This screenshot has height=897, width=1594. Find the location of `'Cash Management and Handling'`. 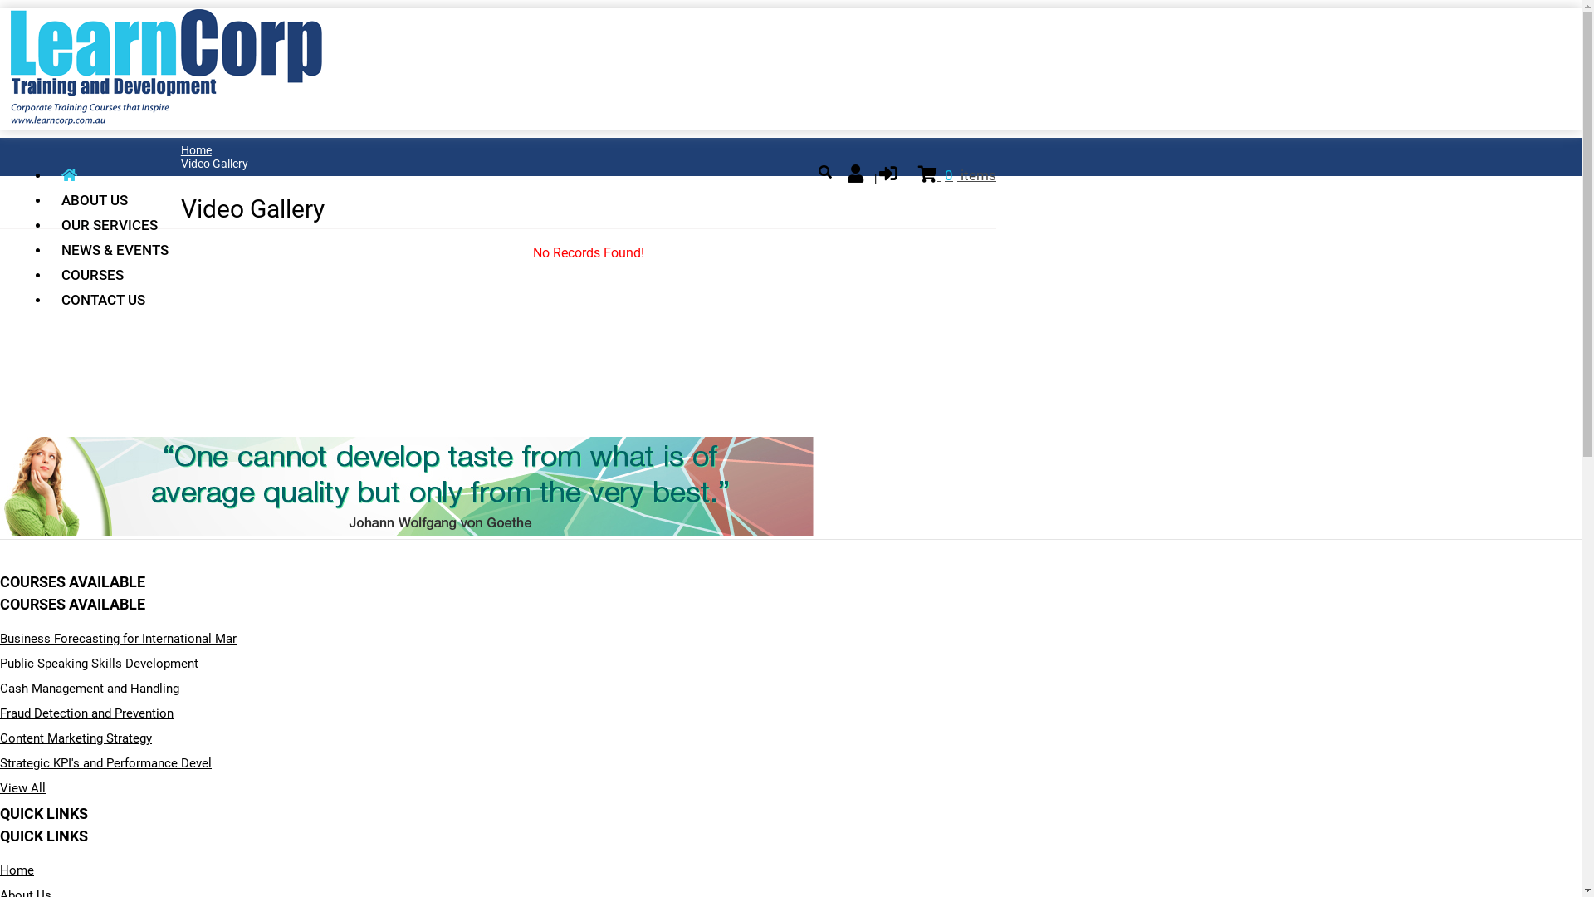

'Cash Management and Handling' is located at coordinates (89, 689).